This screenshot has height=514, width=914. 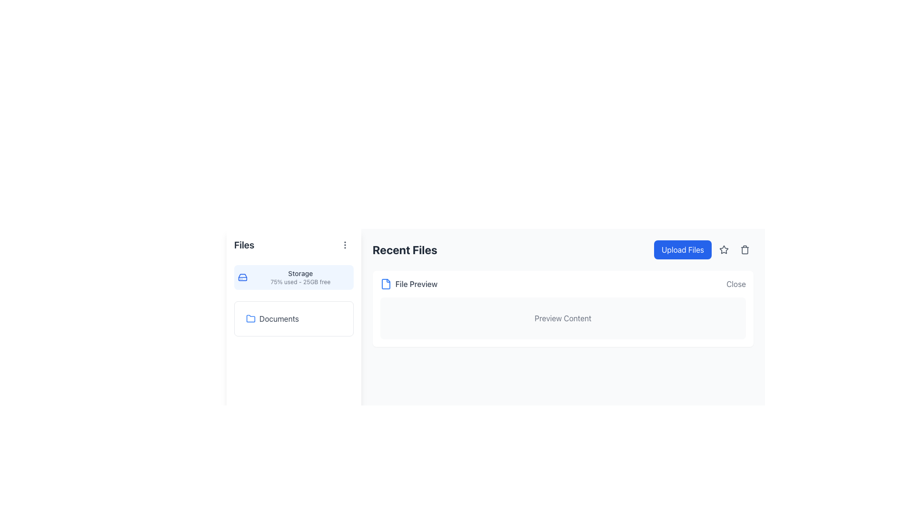 What do you see at coordinates (300, 282) in the screenshot?
I see `the text label that provides information about storage usage, located directly below the 'Storage' text in the 'Files' section` at bounding box center [300, 282].